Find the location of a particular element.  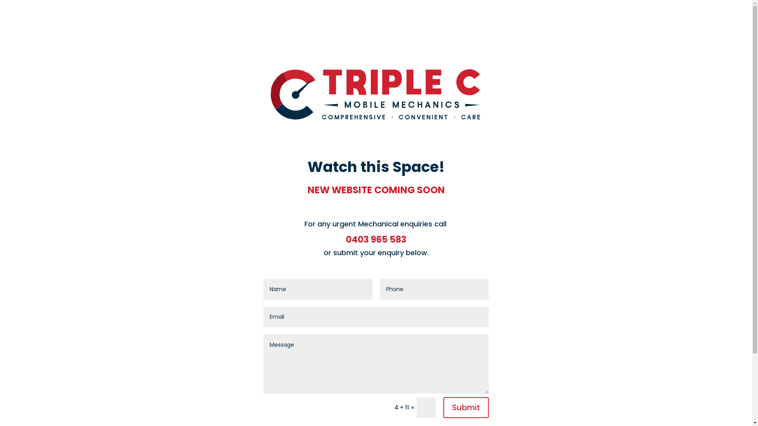

'TC_Logo' is located at coordinates (376, 94).